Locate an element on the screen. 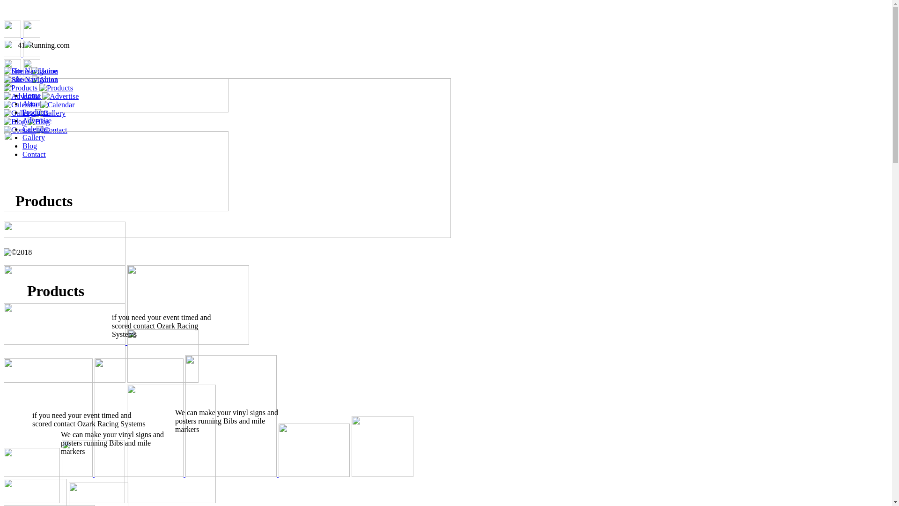  'Advertise' is located at coordinates (37, 120).